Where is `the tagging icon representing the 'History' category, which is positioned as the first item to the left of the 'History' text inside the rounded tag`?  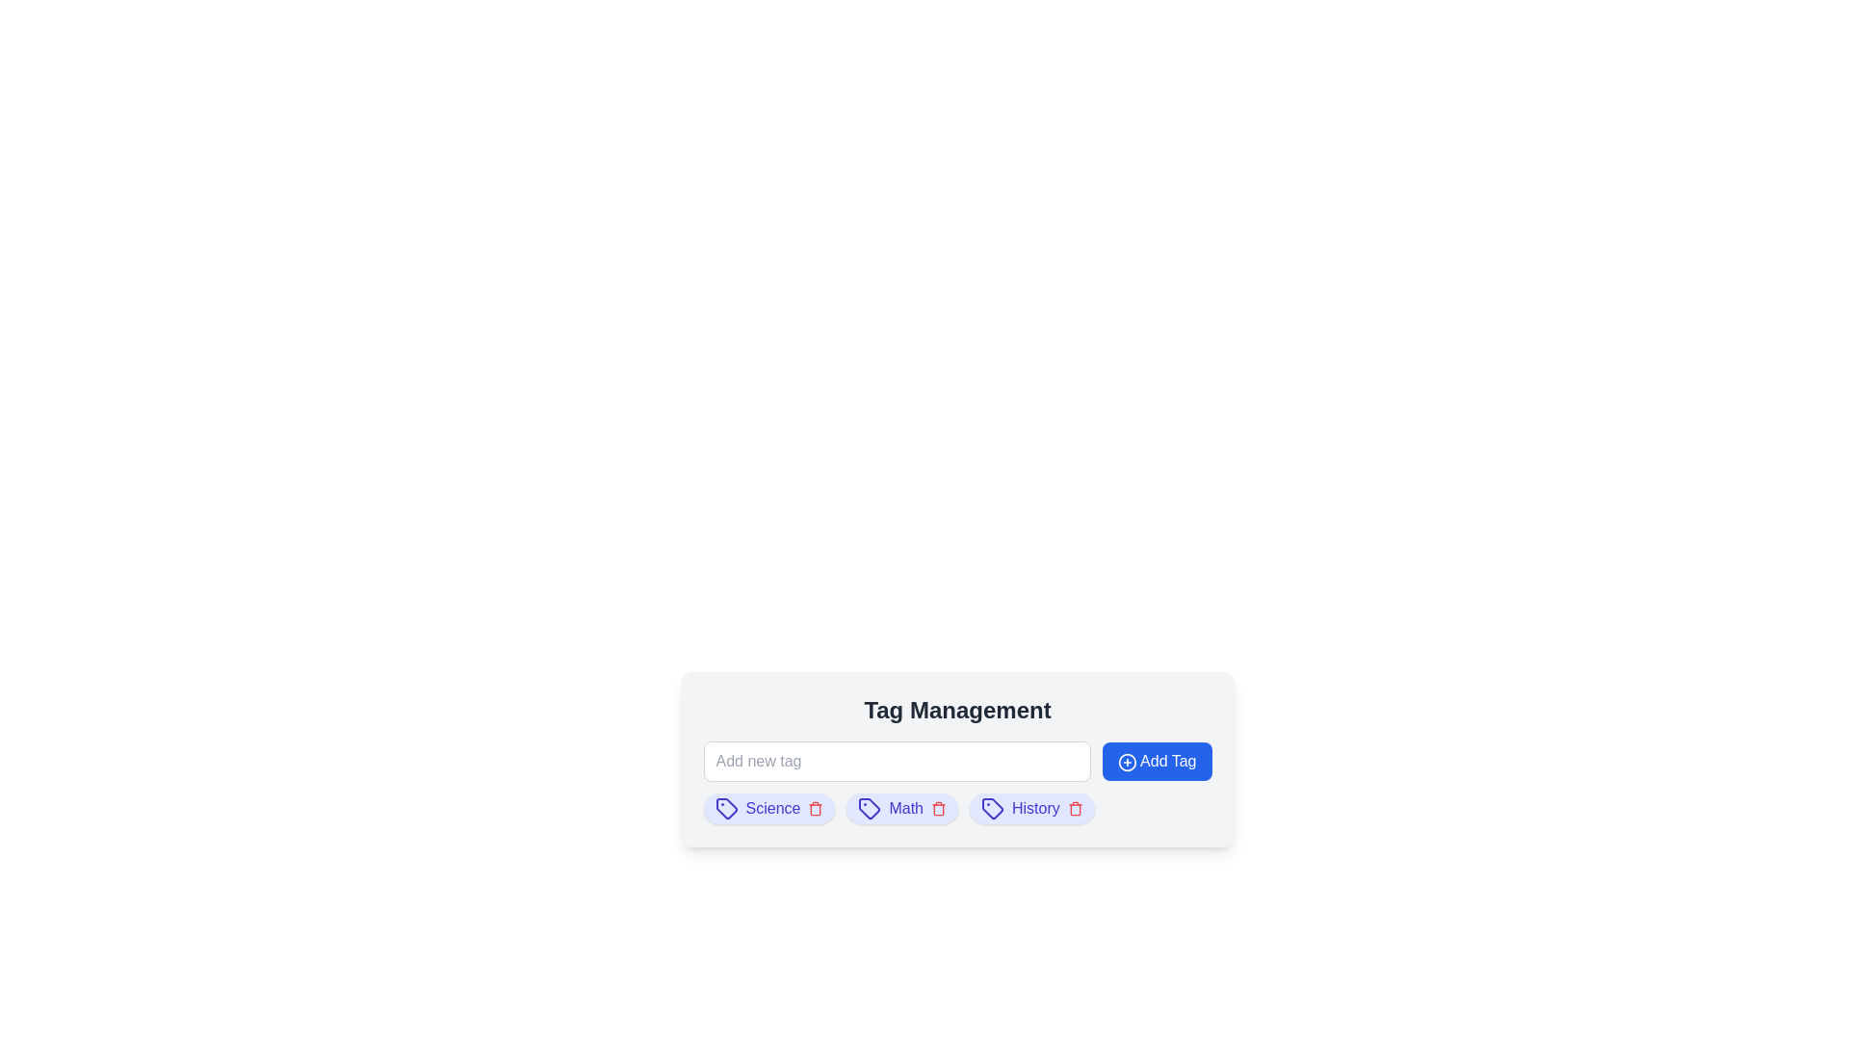 the tagging icon representing the 'History' category, which is positioned as the first item to the left of the 'History' text inside the rounded tag is located at coordinates (993, 809).